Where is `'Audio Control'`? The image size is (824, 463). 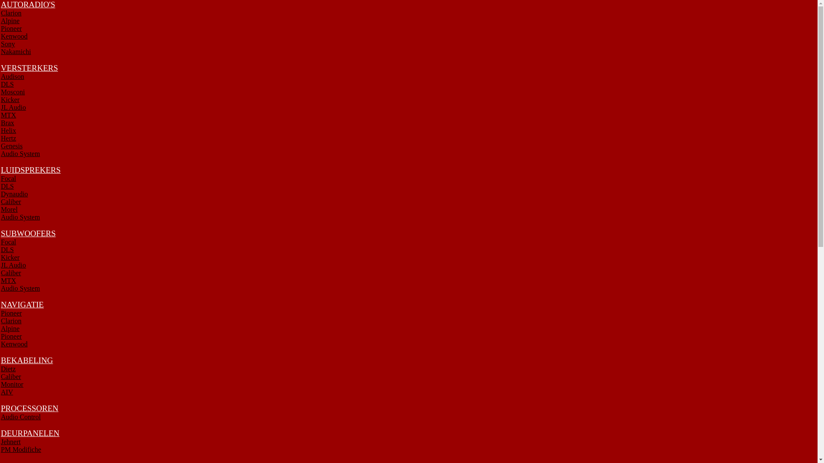 'Audio Control' is located at coordinates (21, 416).